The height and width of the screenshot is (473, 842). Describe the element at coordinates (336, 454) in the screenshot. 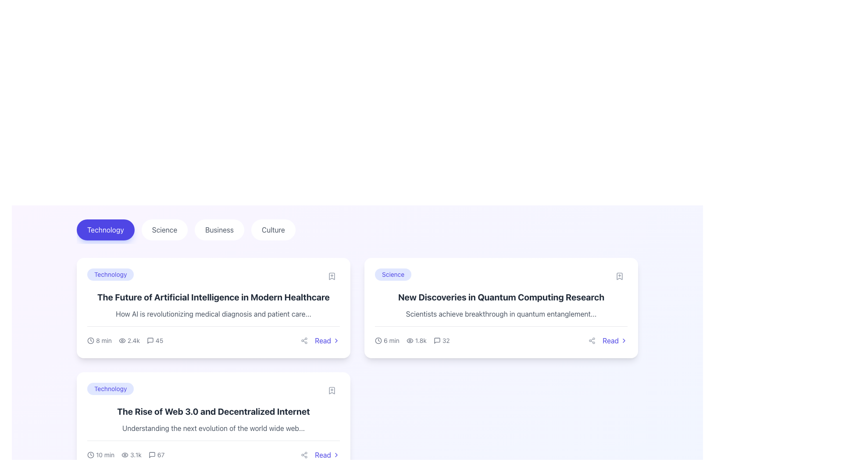

I see `the interactive icon within the 'Read' button located at the bottom-right corner of the second card in the interface` at that location.